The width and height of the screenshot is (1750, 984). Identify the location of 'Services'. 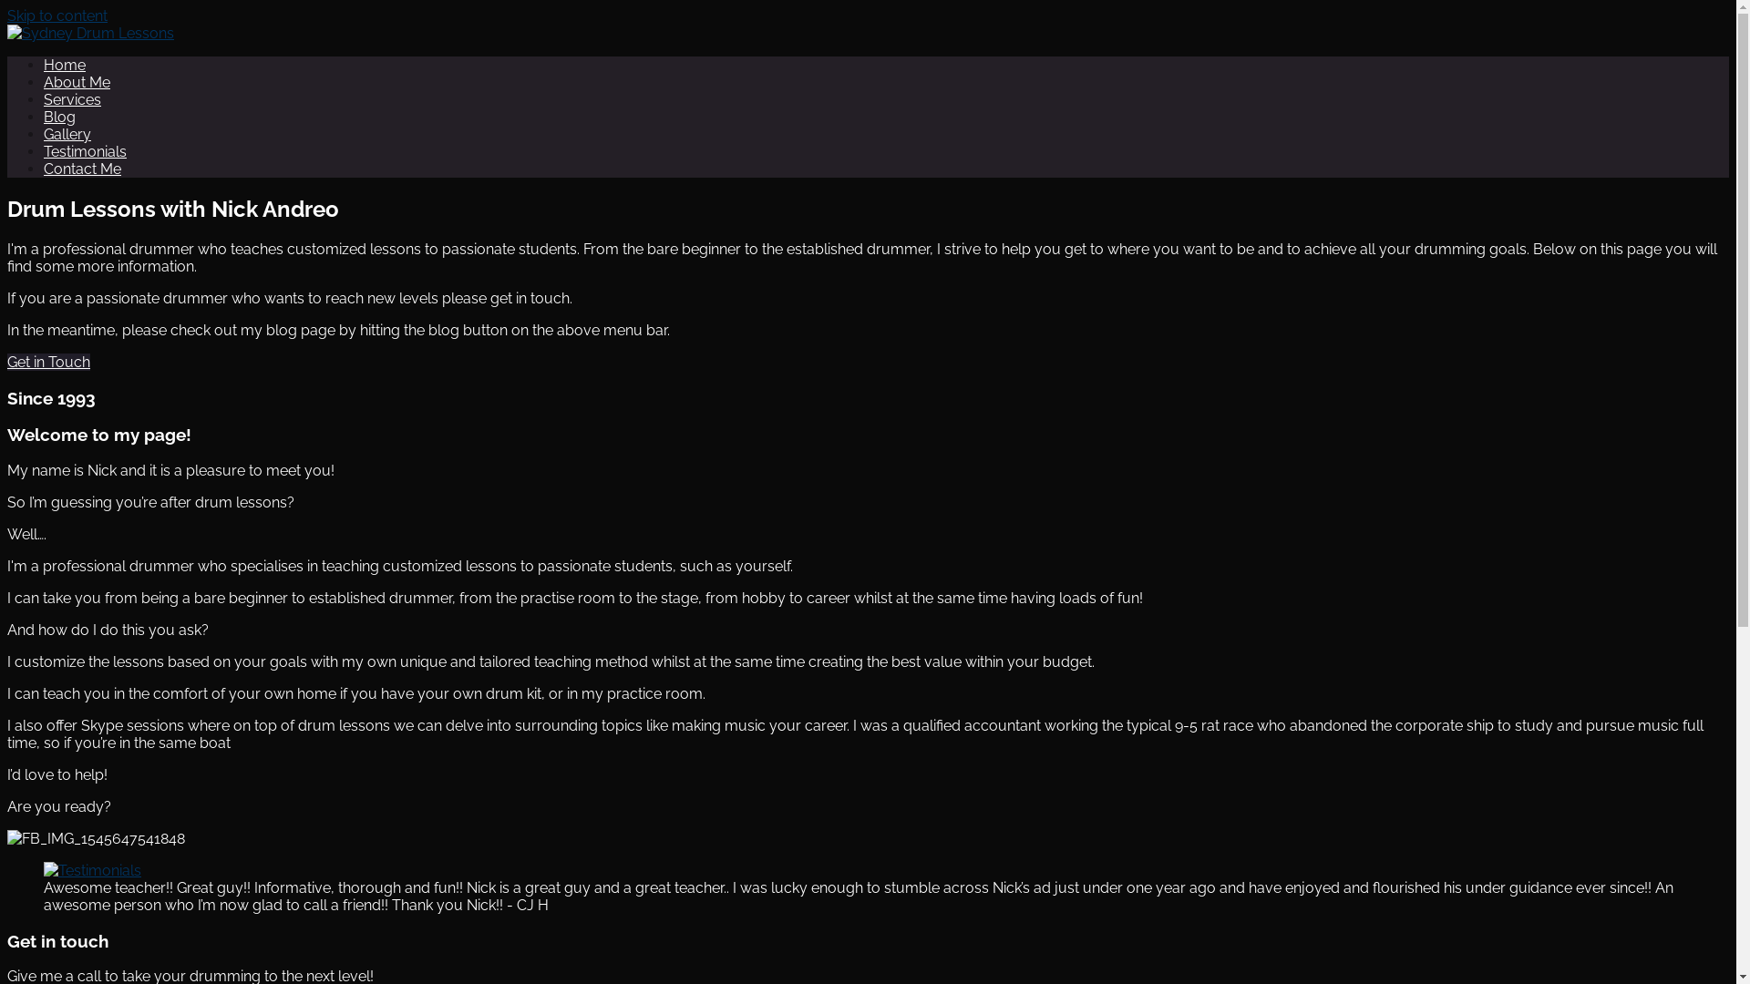
(72, 99).